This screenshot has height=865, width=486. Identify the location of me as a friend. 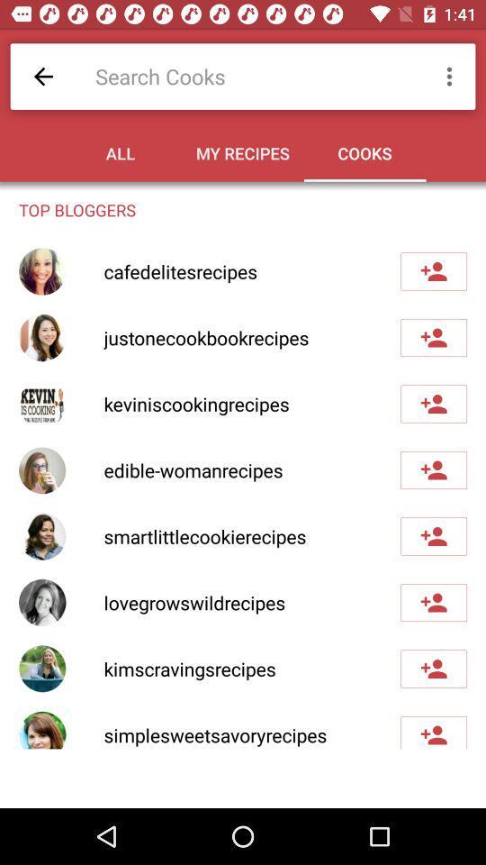
(433, 733).